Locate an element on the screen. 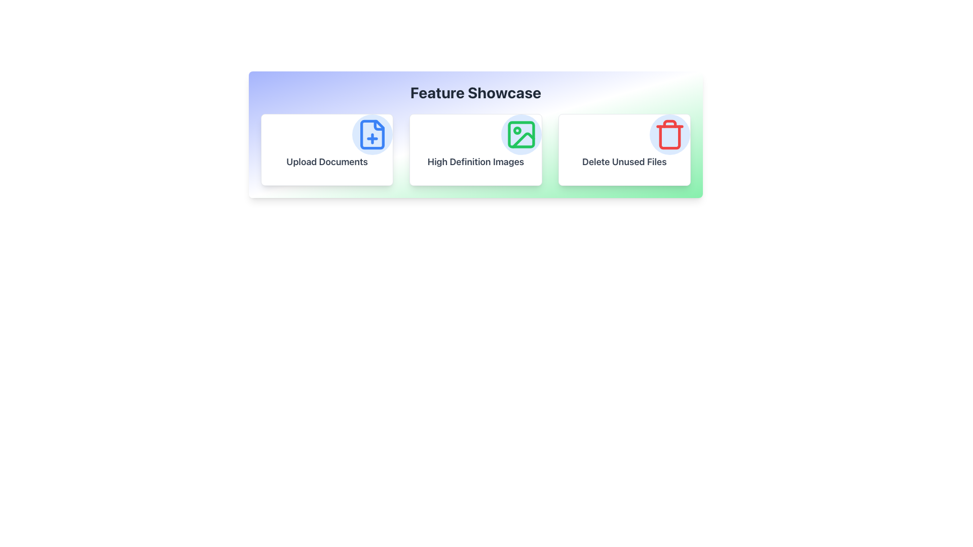 Image resolution: width=973 pixels, height=547 pixels. the blue curved line at the top of the document-like shape in the SVG graphic, which is part of the 'Upload Documents' icon under the 'Feature Showcase' header is located at coordinates (379, 125).